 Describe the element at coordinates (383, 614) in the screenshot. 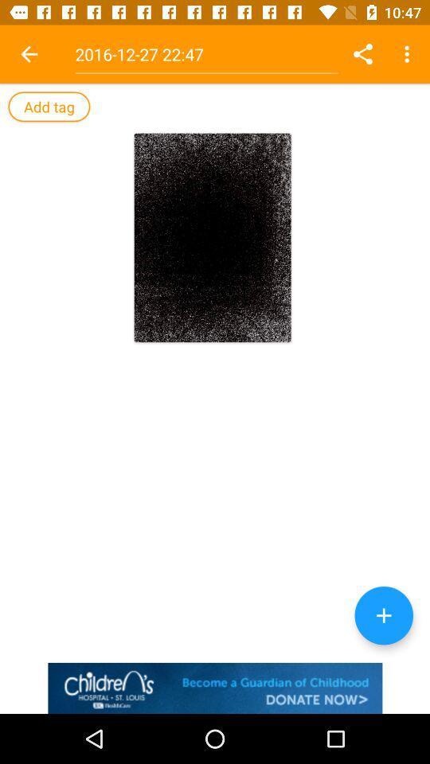

I see `the add icon` at that location.